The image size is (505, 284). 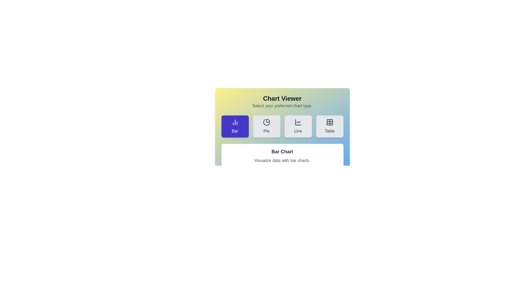 I want to click on the text content of the label that indicates it represents a line chart, located below the line chart icon in the chart type selection group, so click(x=298, y=131).